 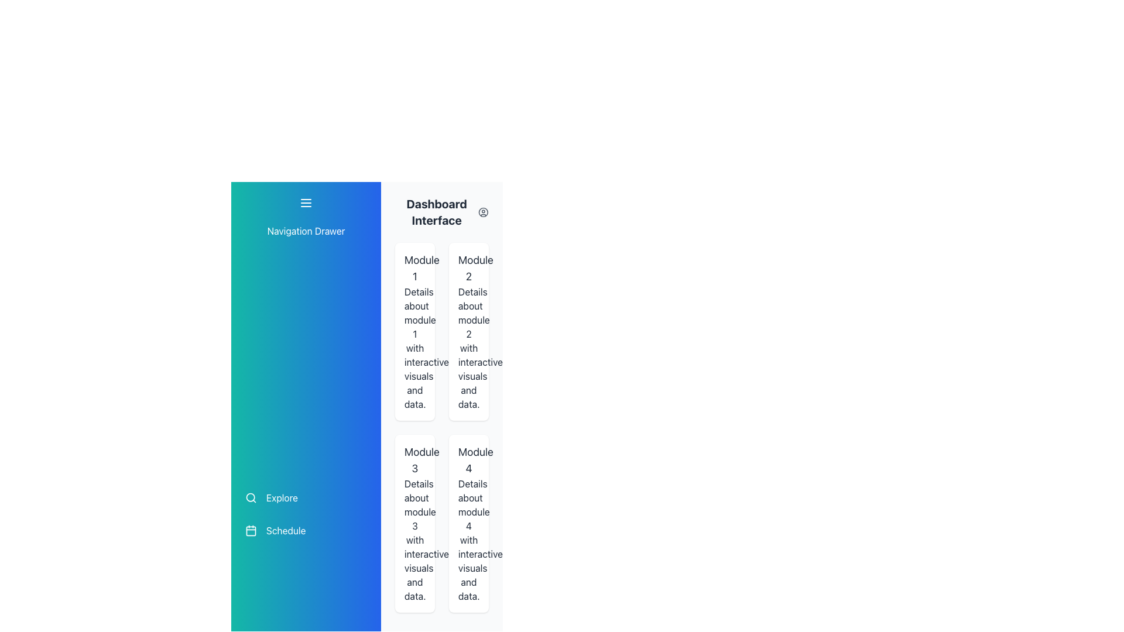 What do you see at coordinates (286, 530) in the screenshot?
I see `the 'Schedule' text label located in the navigation menu, positioned below the 'Explore' item and adjacent to the calendar icon` at bounding box center [286, 530].